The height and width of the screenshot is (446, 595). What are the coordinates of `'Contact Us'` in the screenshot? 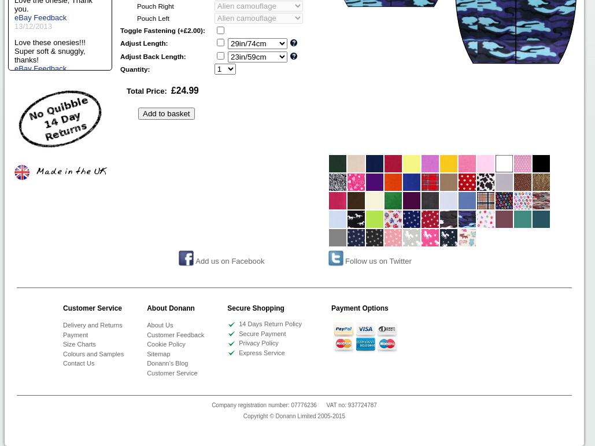 It's located at (78, 362).